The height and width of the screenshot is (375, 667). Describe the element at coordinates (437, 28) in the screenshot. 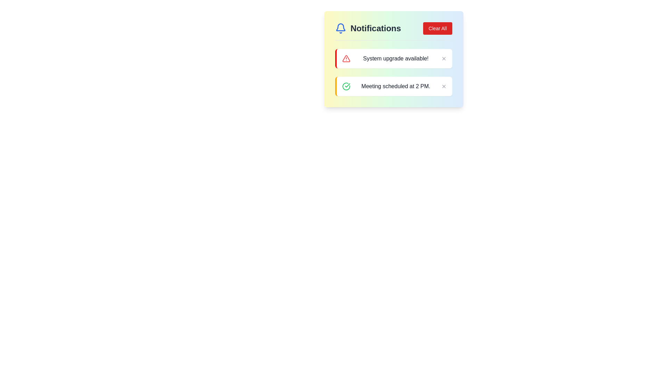

I see `the clear notifications button located at the top-right corner of the notifications panel to observe the hover effects` at that location.